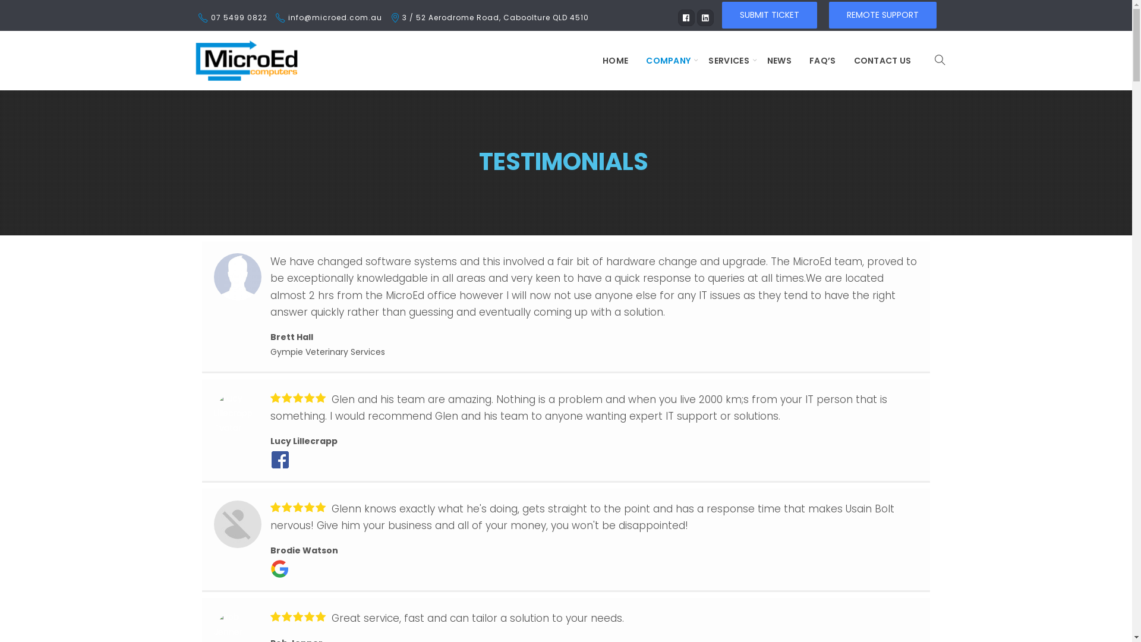  Describe the element at coordinates (615, 60) in the screenshot. I see `'HOME'` at that location.